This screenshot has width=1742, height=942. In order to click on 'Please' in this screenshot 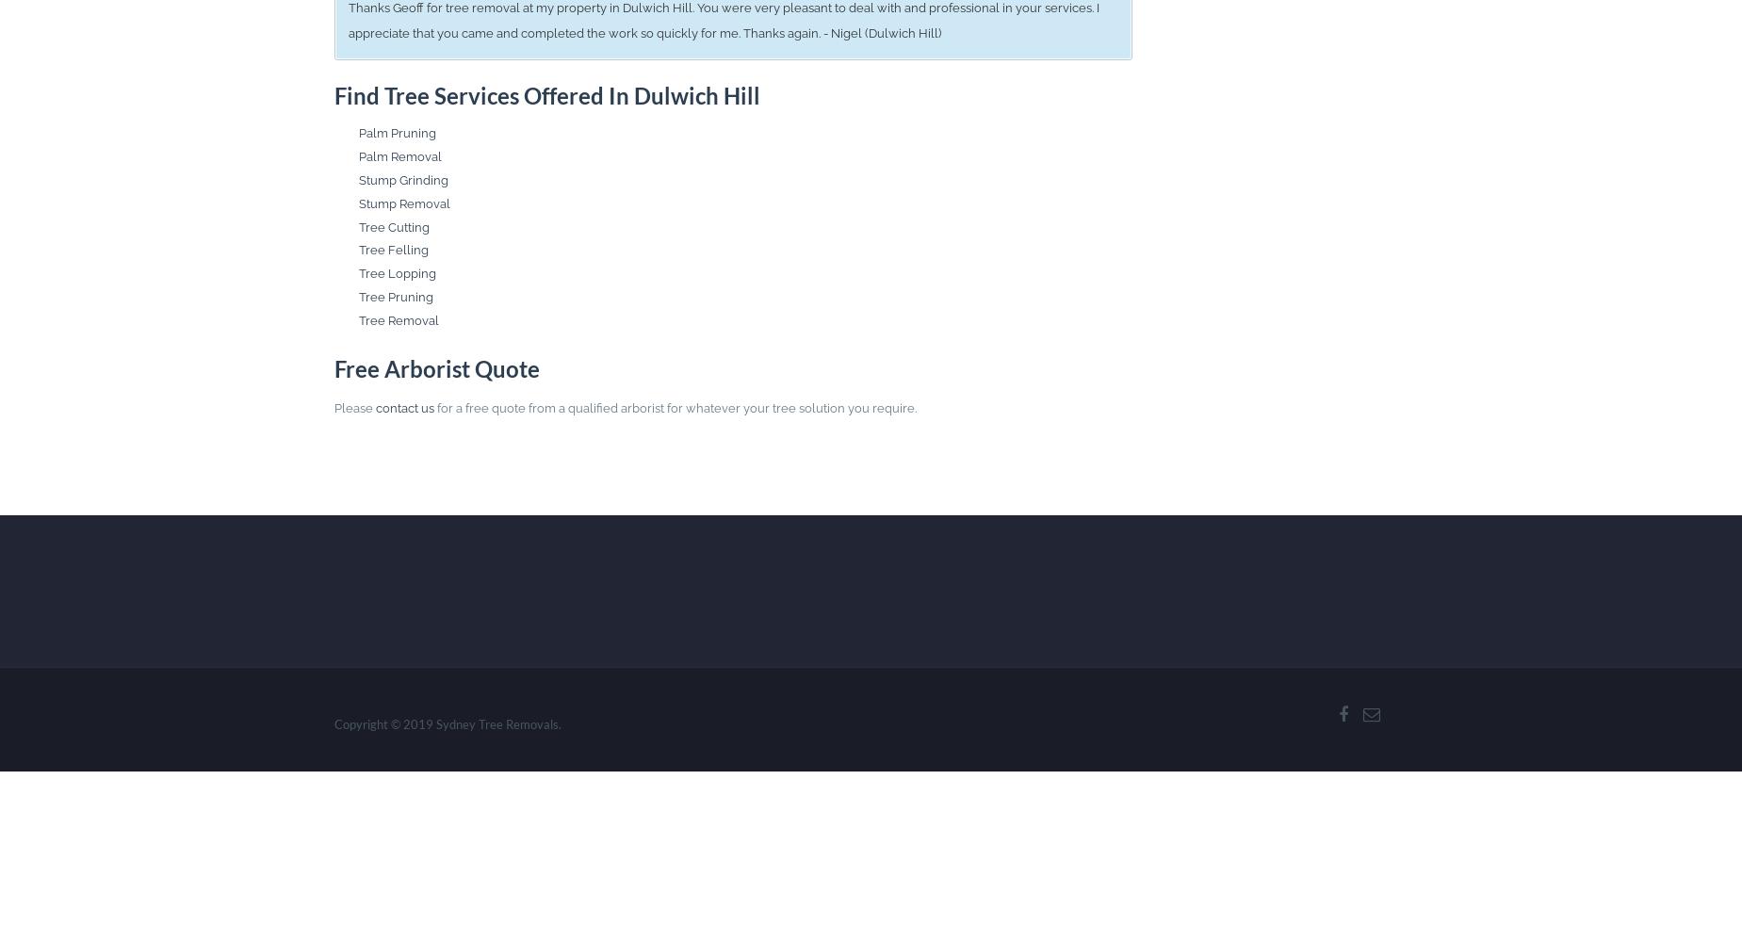, I will do `click(353, 408)`.